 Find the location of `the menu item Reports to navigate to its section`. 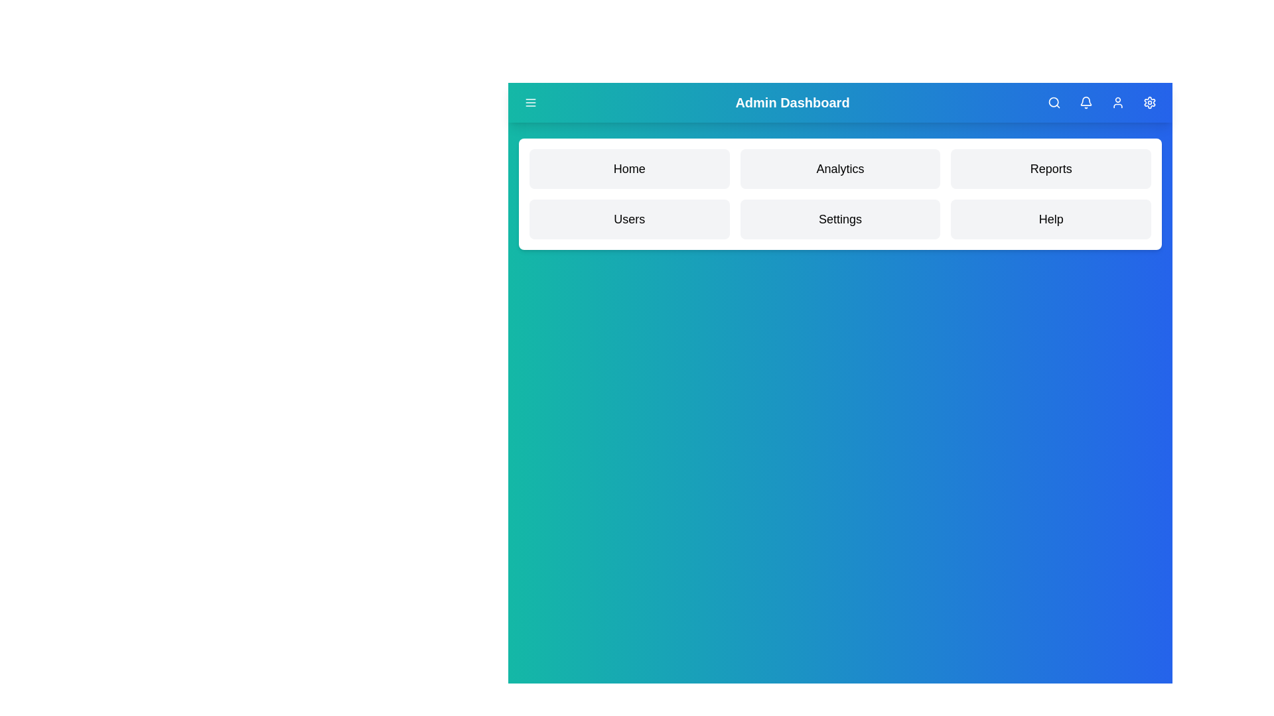

the menu item Reports to navigate to its section is located at coordinates (1050, 168).